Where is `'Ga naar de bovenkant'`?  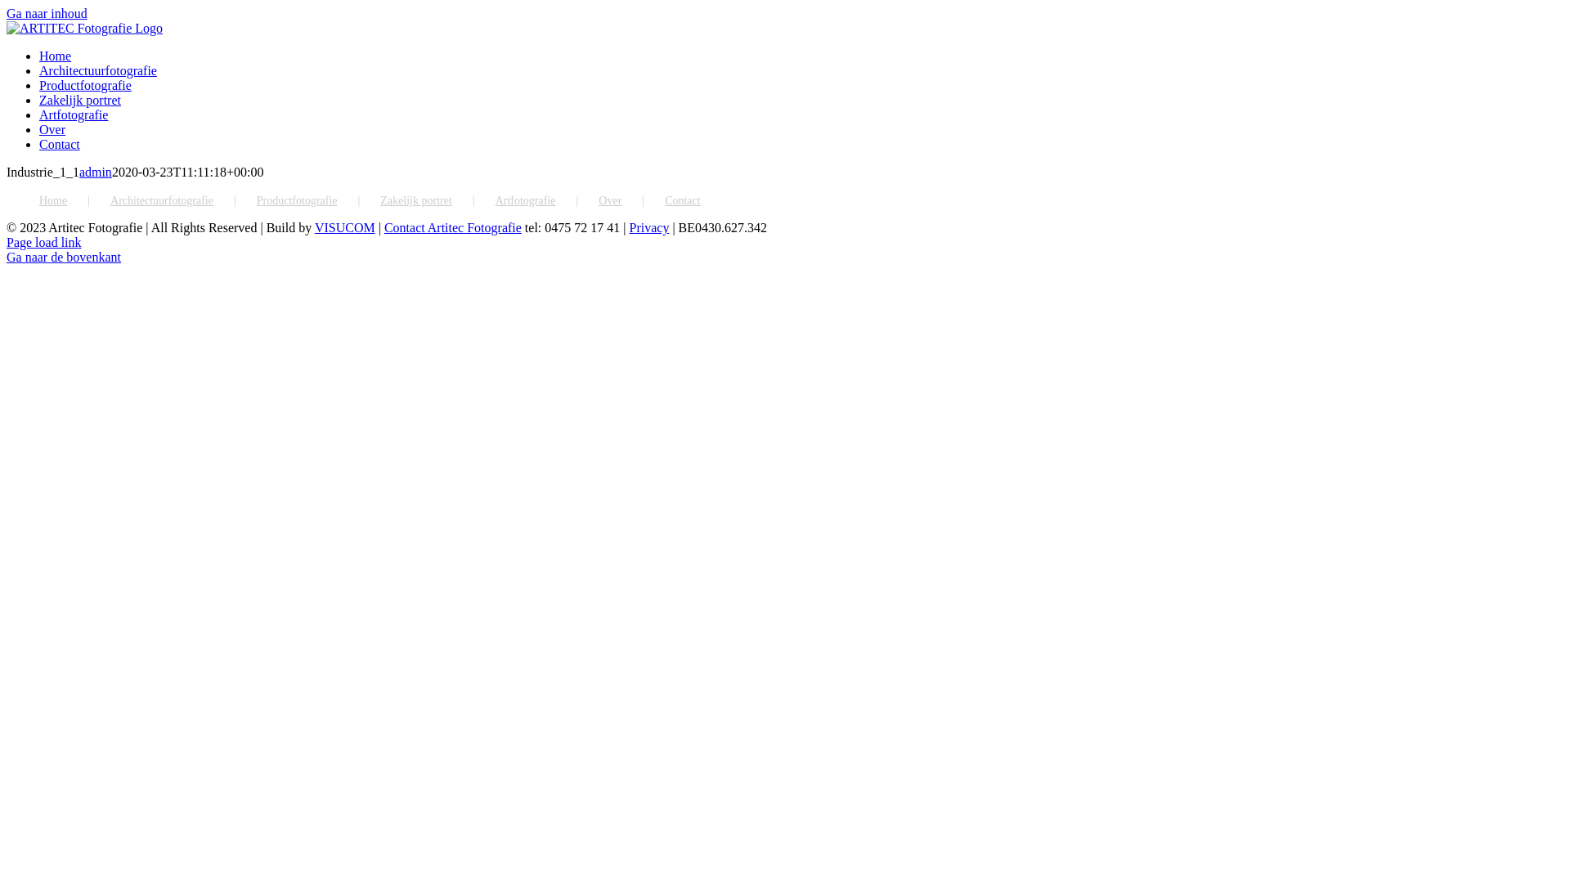 'Ga naar de bovenkant' is located at coordinates (7, 257).